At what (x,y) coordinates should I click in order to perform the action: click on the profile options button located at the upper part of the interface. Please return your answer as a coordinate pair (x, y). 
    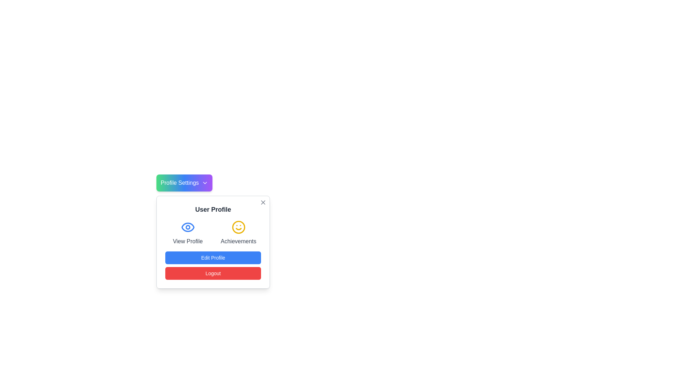
    Looking at the image, I should click on (184, 183).